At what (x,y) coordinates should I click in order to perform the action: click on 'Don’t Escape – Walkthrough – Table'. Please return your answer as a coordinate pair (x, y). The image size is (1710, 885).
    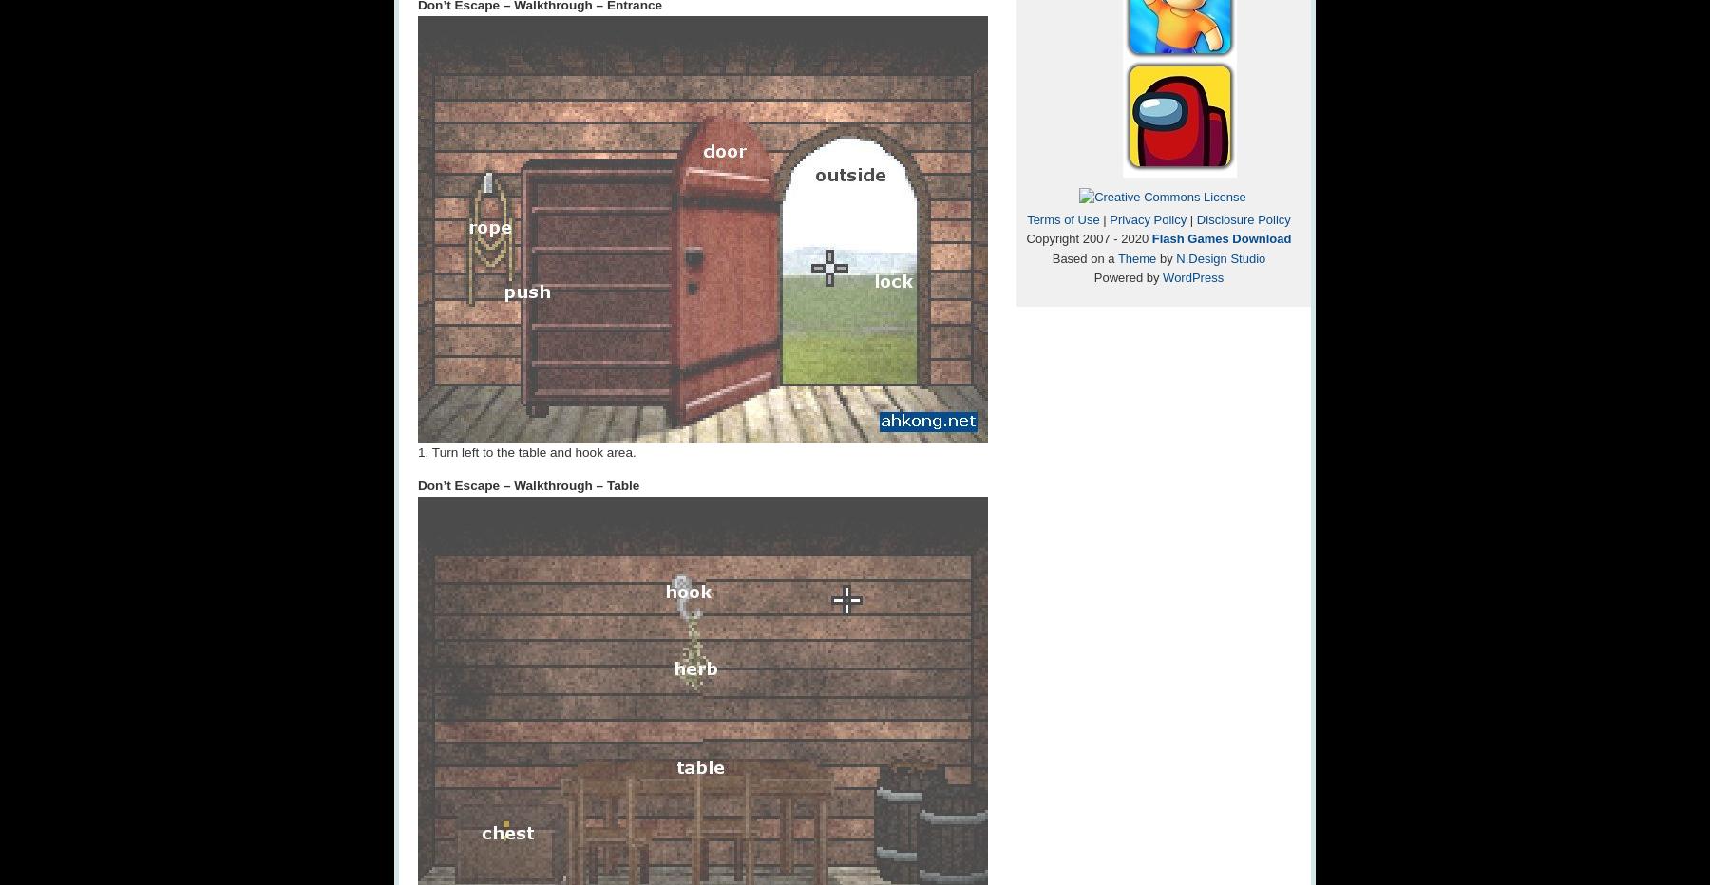
    Looking at the image, I should click on (527, 484).